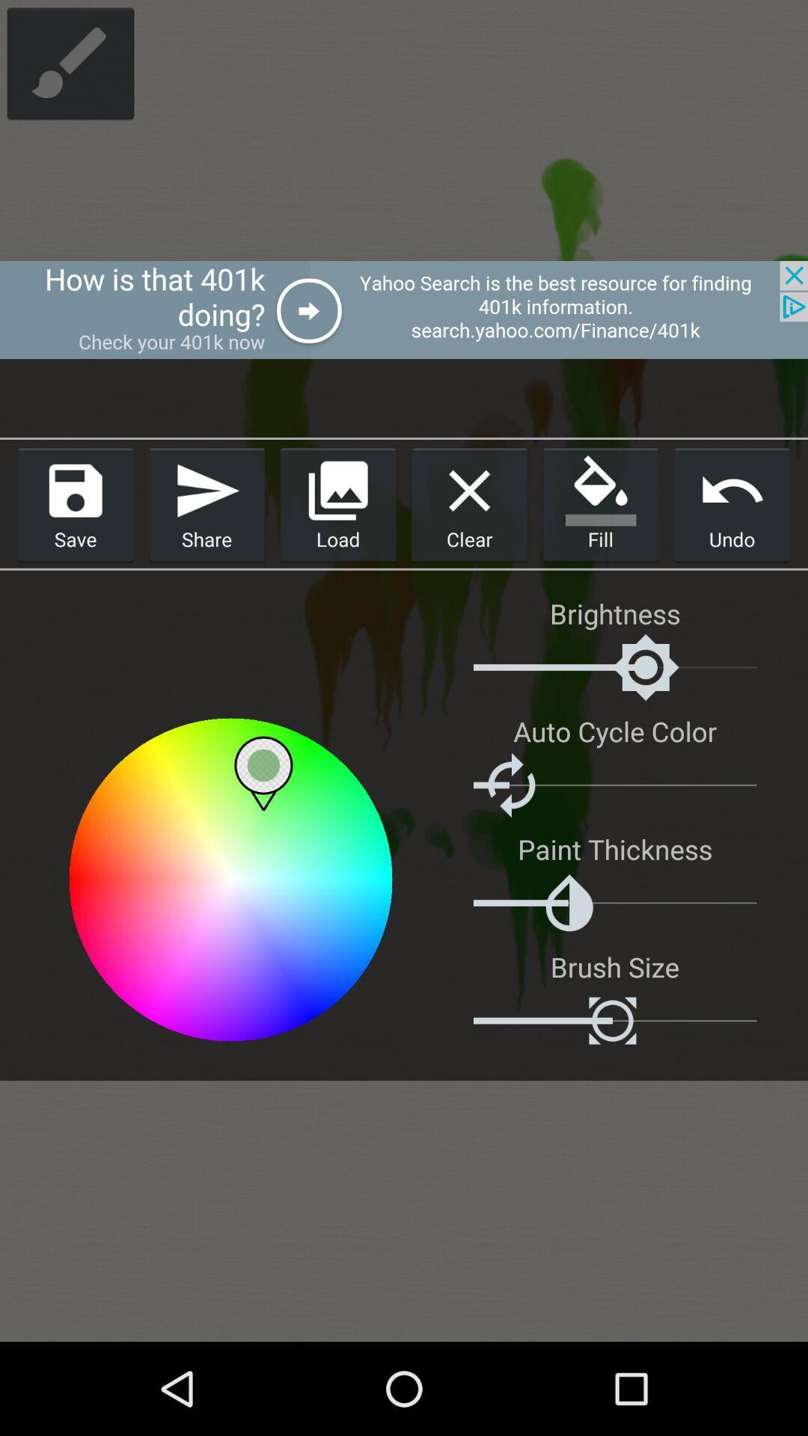  What do you see at coordinates (404, 309) in the screenshot?
I see `advertisement` at bounding box center [404, 309].